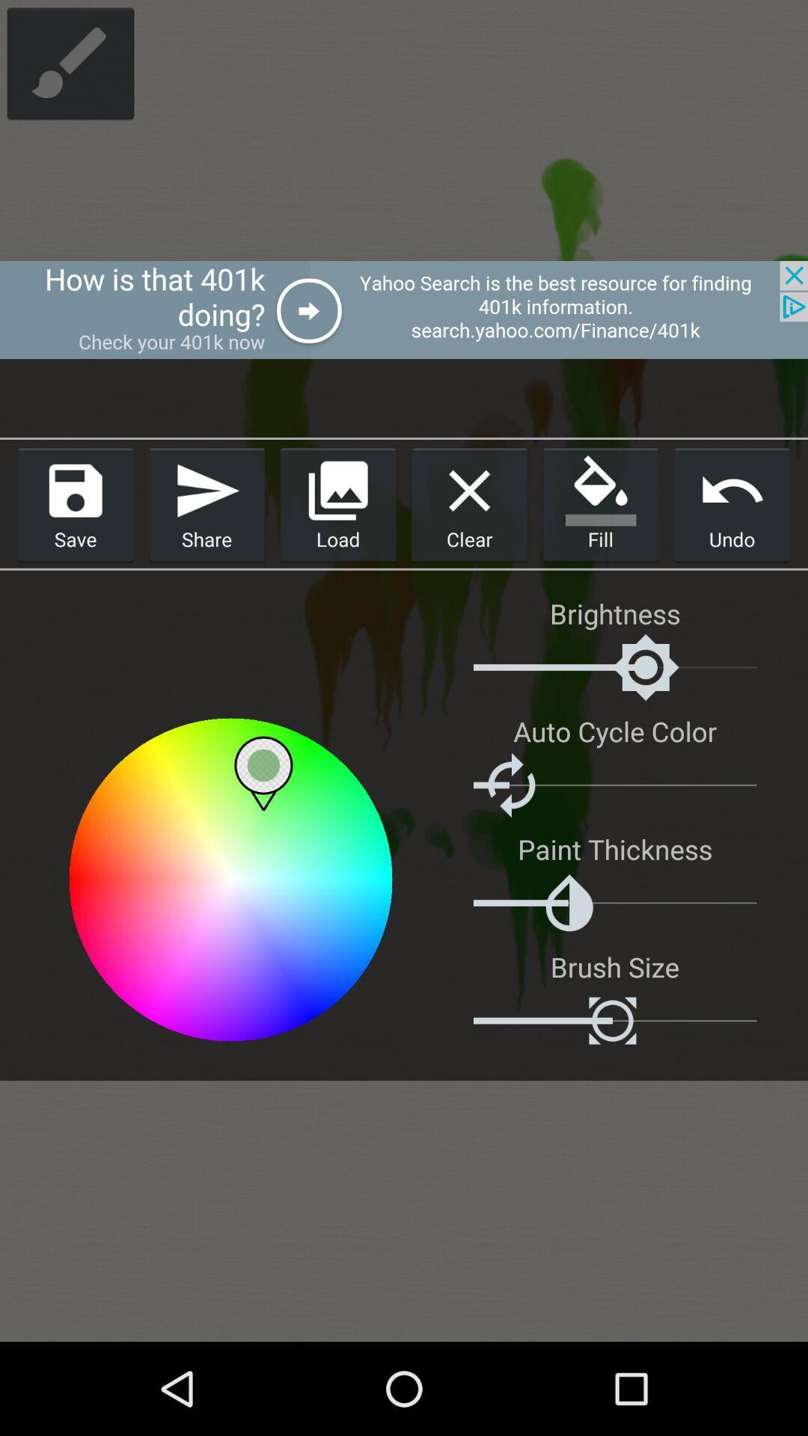  What do you see at coordinates (404, 309) in the screenshot?
I see `advertisement` at bounding box center [404, 309].